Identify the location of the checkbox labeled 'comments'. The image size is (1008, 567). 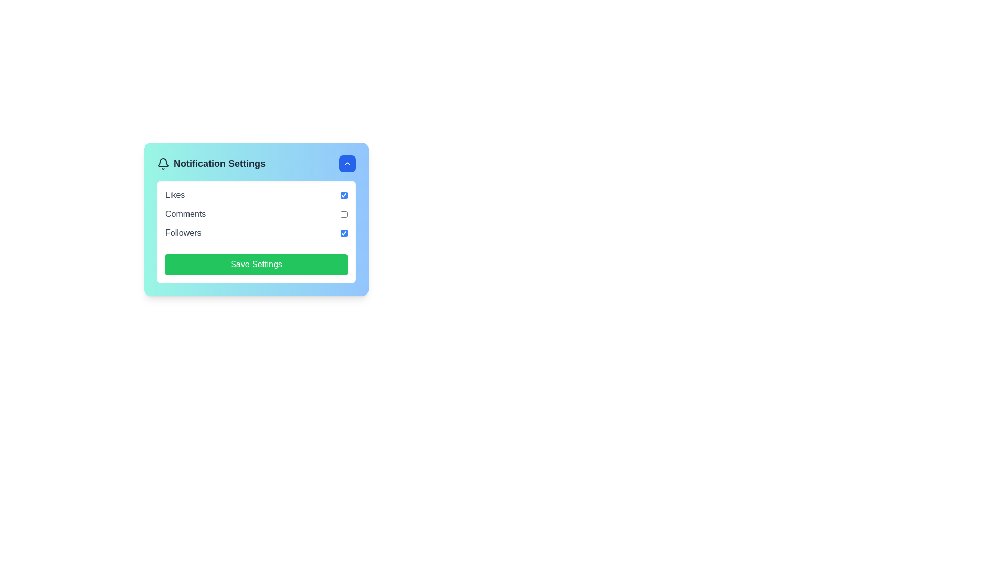
(256, 214).